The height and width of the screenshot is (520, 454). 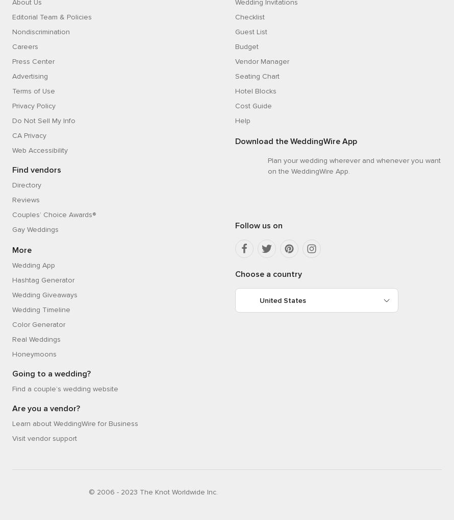 I want to click on 'Wedding Giveaways', so click(x=12, y=294).